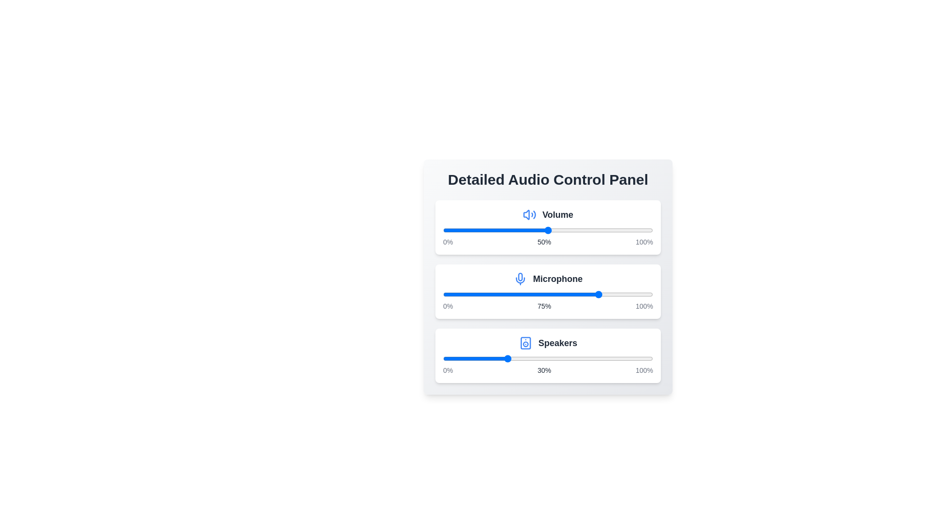 Image resolution: width=933 pixels, height=525 pixels. Describe the element at coordinates (638, 358) in the screenshot. I see `the speaker level to 93% using the slider` at that location.